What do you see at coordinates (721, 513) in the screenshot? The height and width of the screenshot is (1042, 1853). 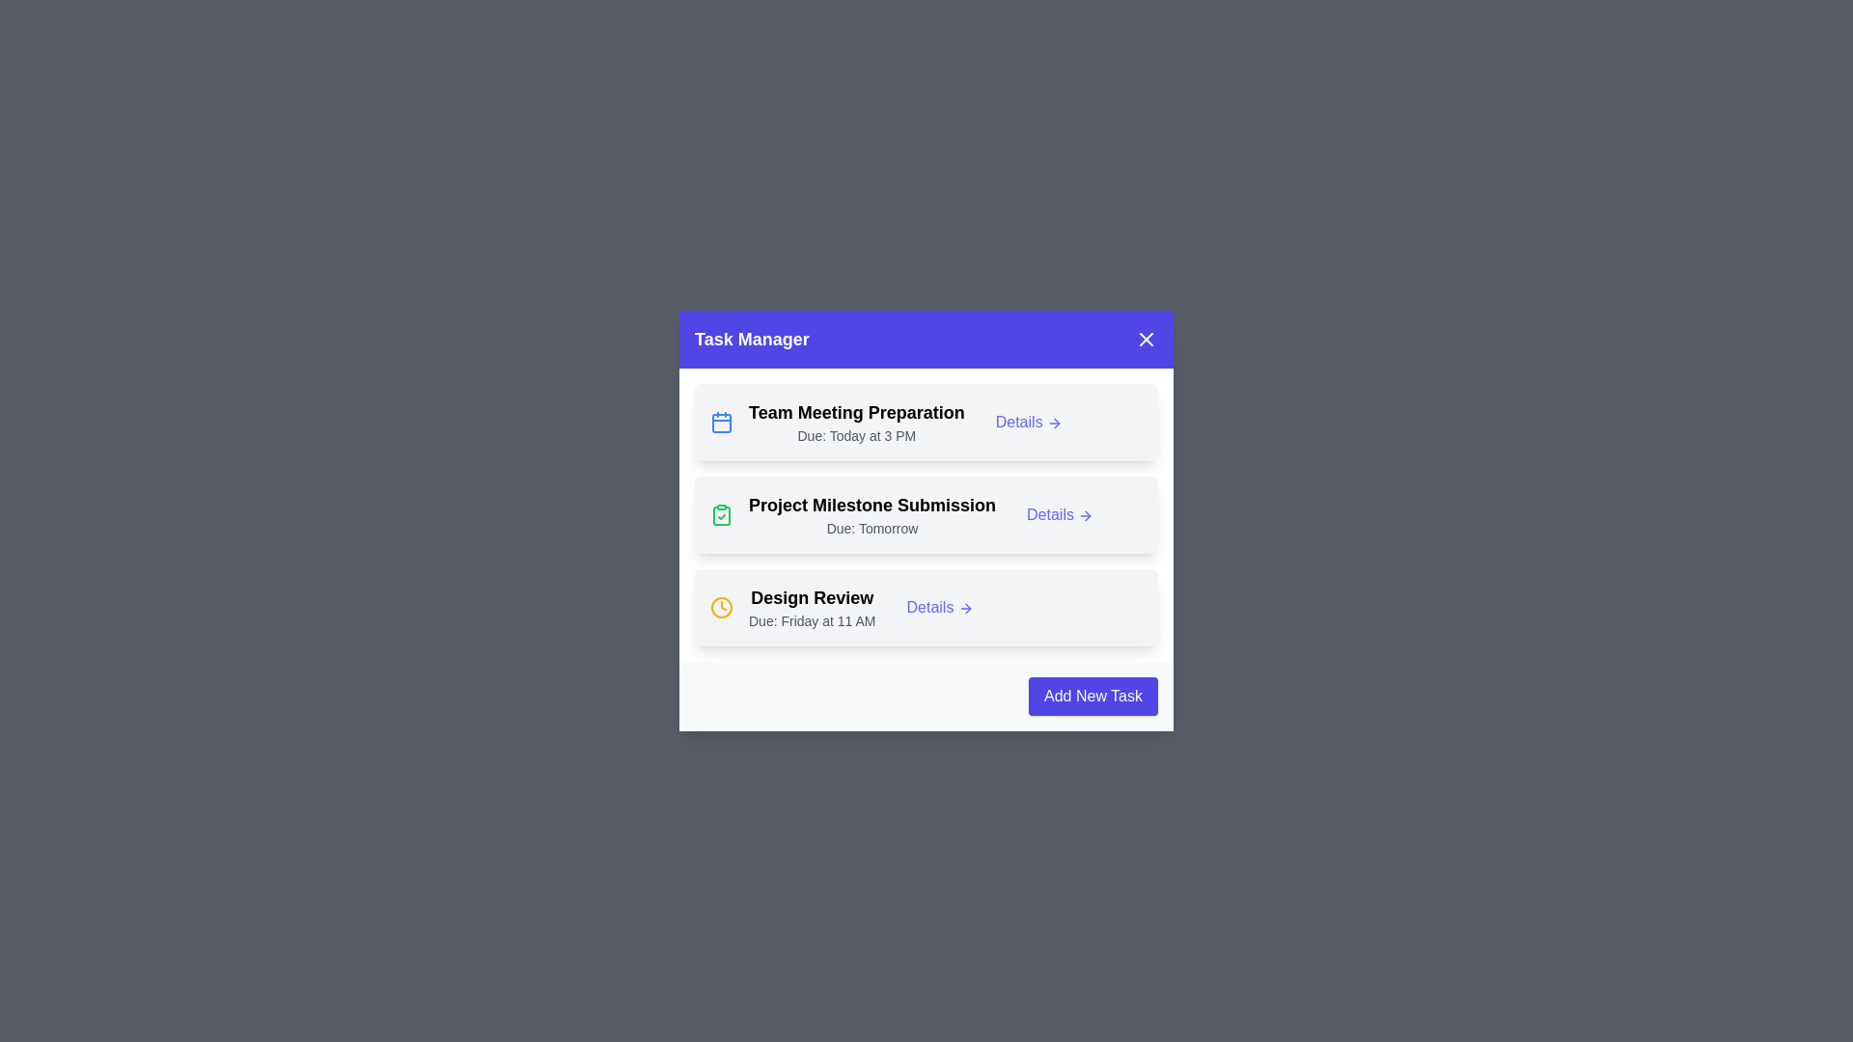 I see `the green clipboard icon with a checkmark located to the left of the 'Project Milestone Submission' text` at bounding box center [721, 513].